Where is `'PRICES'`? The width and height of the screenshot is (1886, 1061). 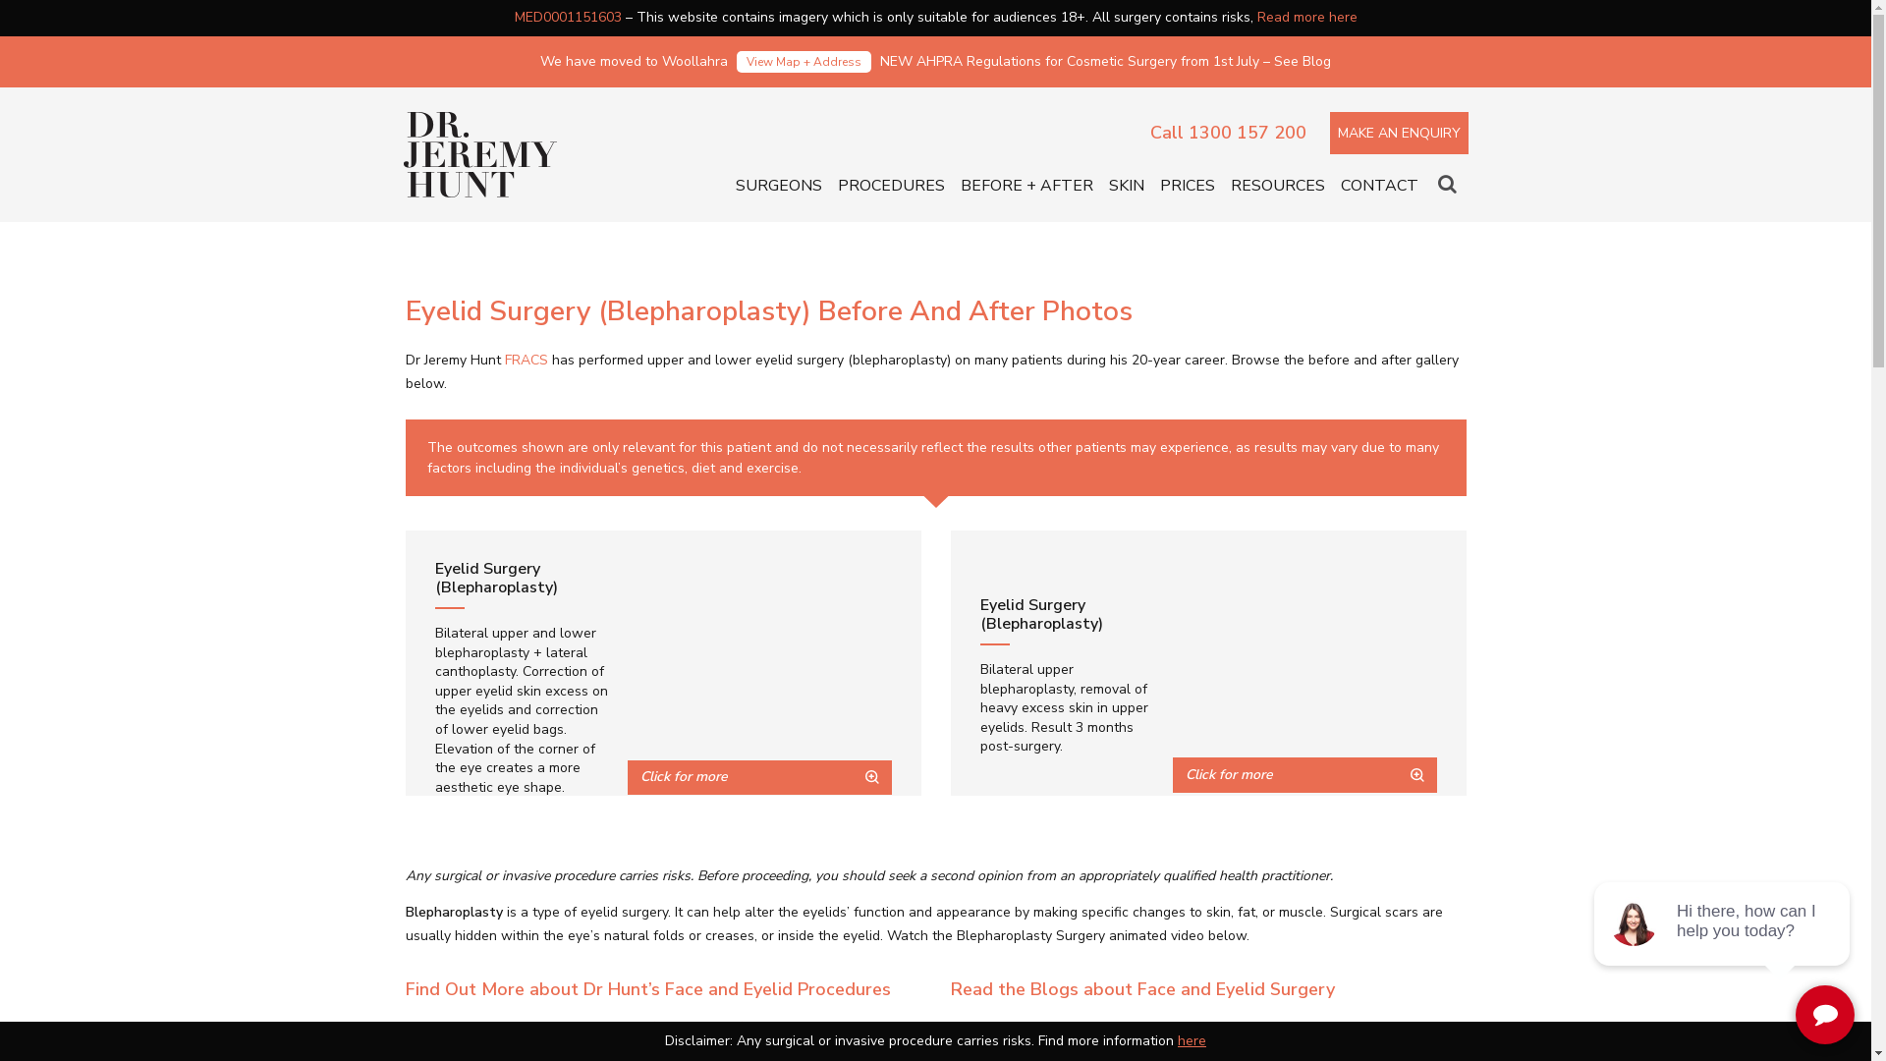 'PRICES' is located at coordinates (1186, 186).